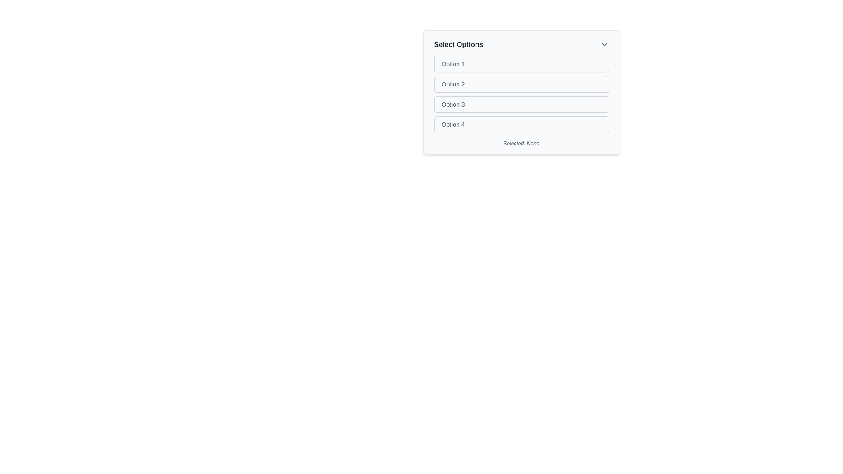  What do you see at coordinates (453, 84) in the screenshot?
I see `the Text Label that serves as a label for the second selectable option in a vertical list, positioned between 'Option 1' and 'Option 3'` at bounding box center [453, 84].